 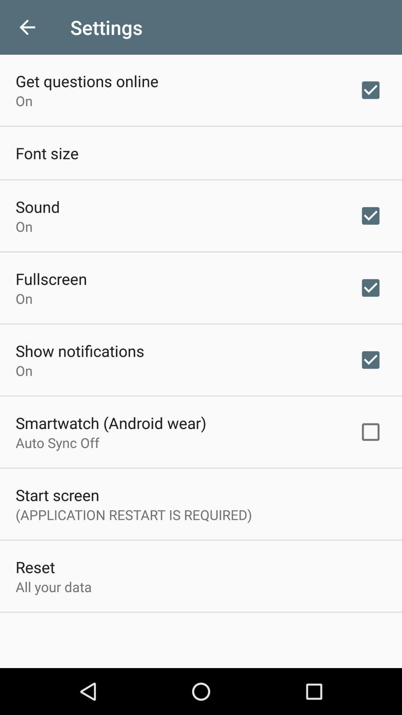 What do you see at coordinates (80, 350) in the screenshot?
I see `icon above the on` at bounding box center [80, 350].